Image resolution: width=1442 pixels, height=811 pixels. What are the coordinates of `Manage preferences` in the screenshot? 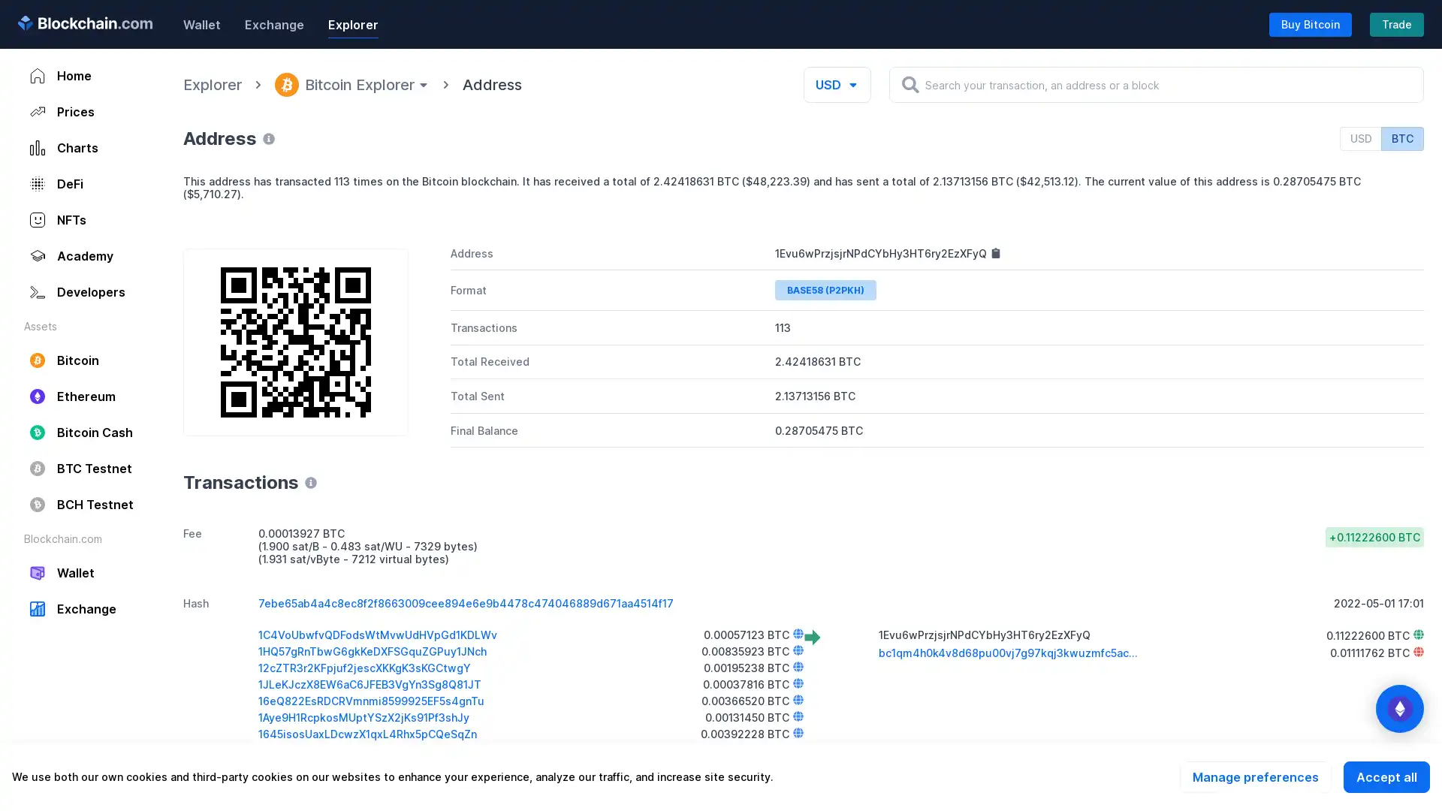 It's located at (1255, 776).